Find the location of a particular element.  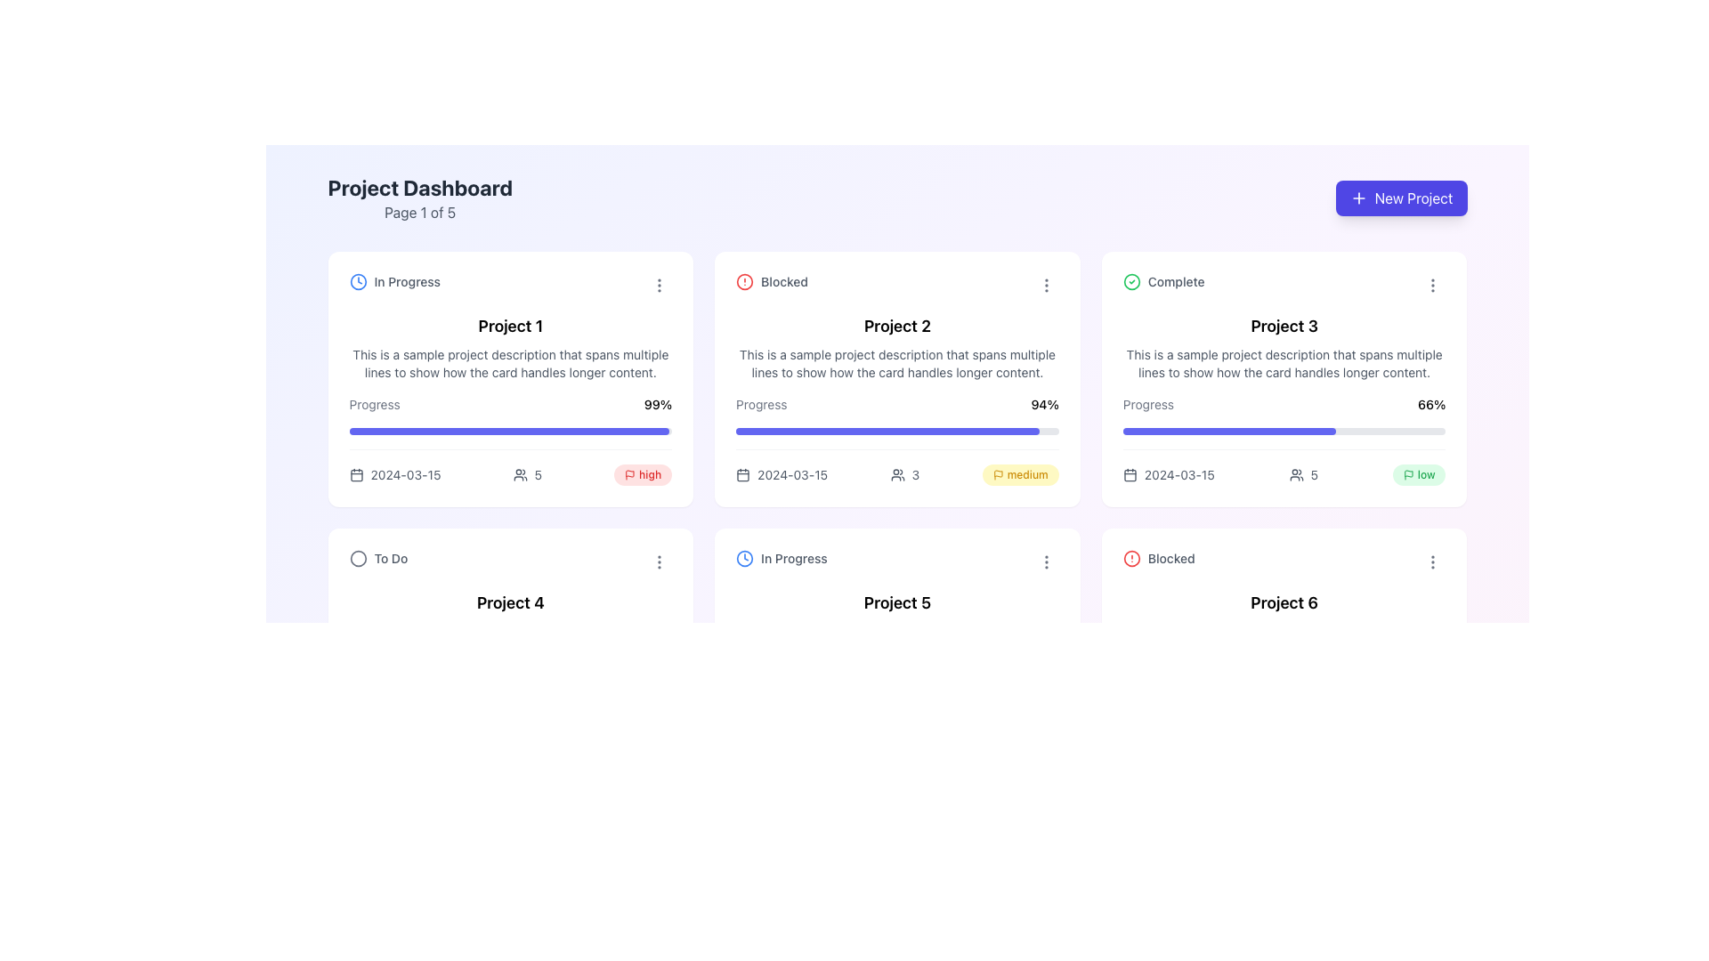

the Icon and Text Pair that displays the number of collaborators for the project is located at coordinates (904, 473).